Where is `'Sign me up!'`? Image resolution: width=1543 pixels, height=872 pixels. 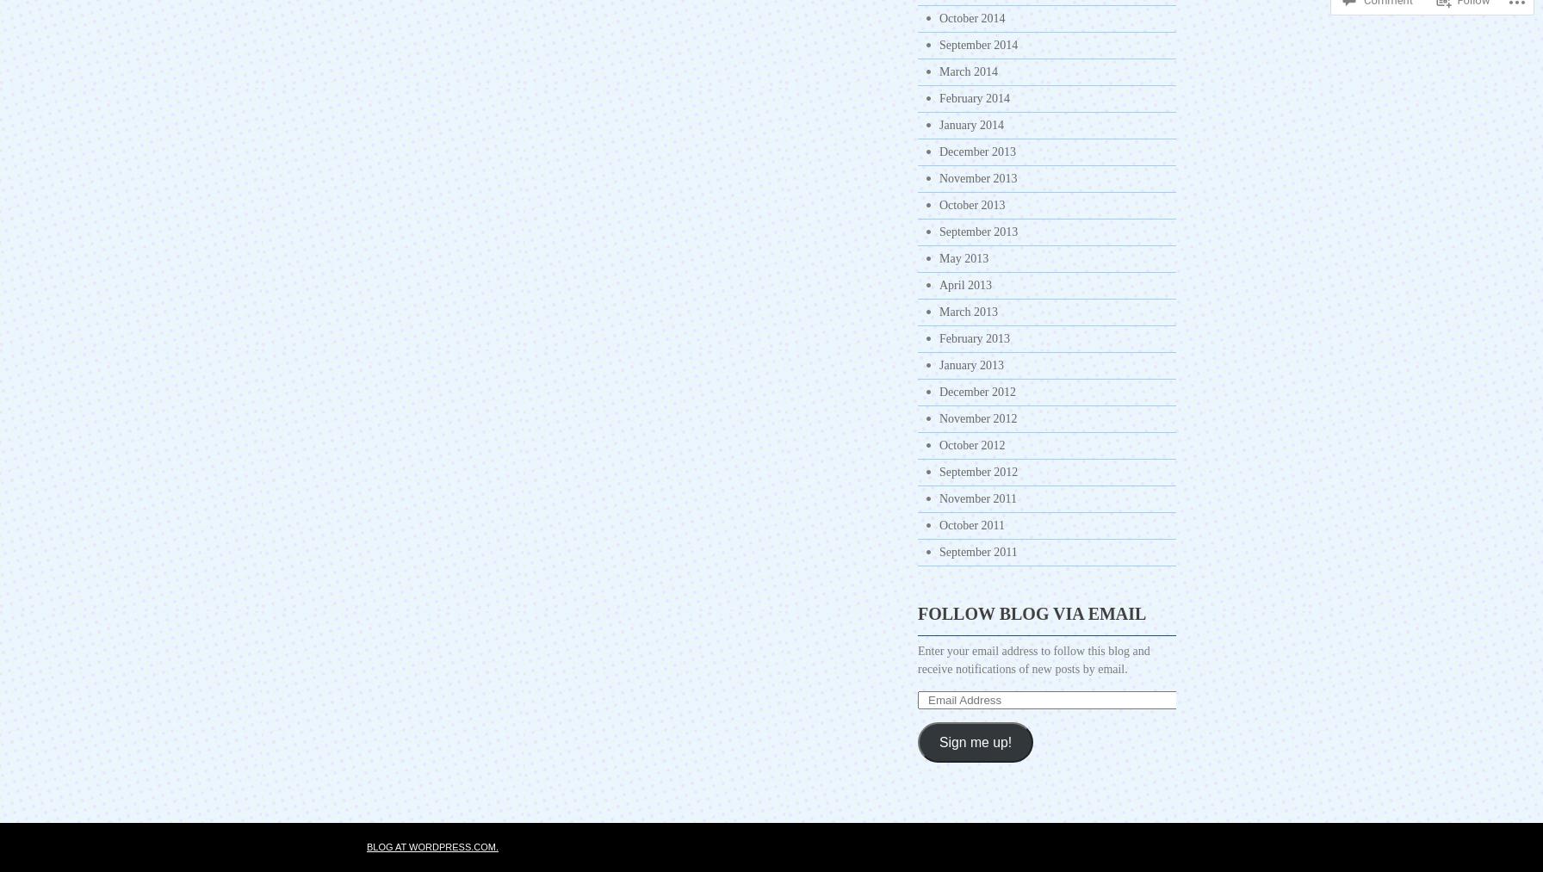 'Sign me up!' is located at coordinates (975, 740).